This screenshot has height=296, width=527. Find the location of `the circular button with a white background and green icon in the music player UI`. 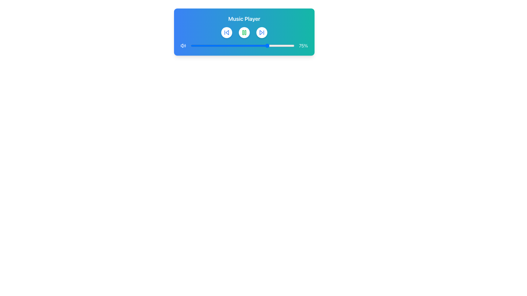

the circular button with a white background and green icon in the music player UI is located at coordinates (244, 33).